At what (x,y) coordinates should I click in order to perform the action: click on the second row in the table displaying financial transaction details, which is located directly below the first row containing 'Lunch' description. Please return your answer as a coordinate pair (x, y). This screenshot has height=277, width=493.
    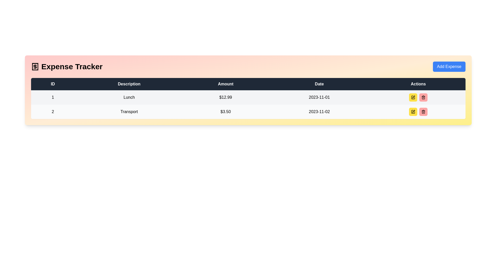
    Looking at the image, I should click on (248, 111).